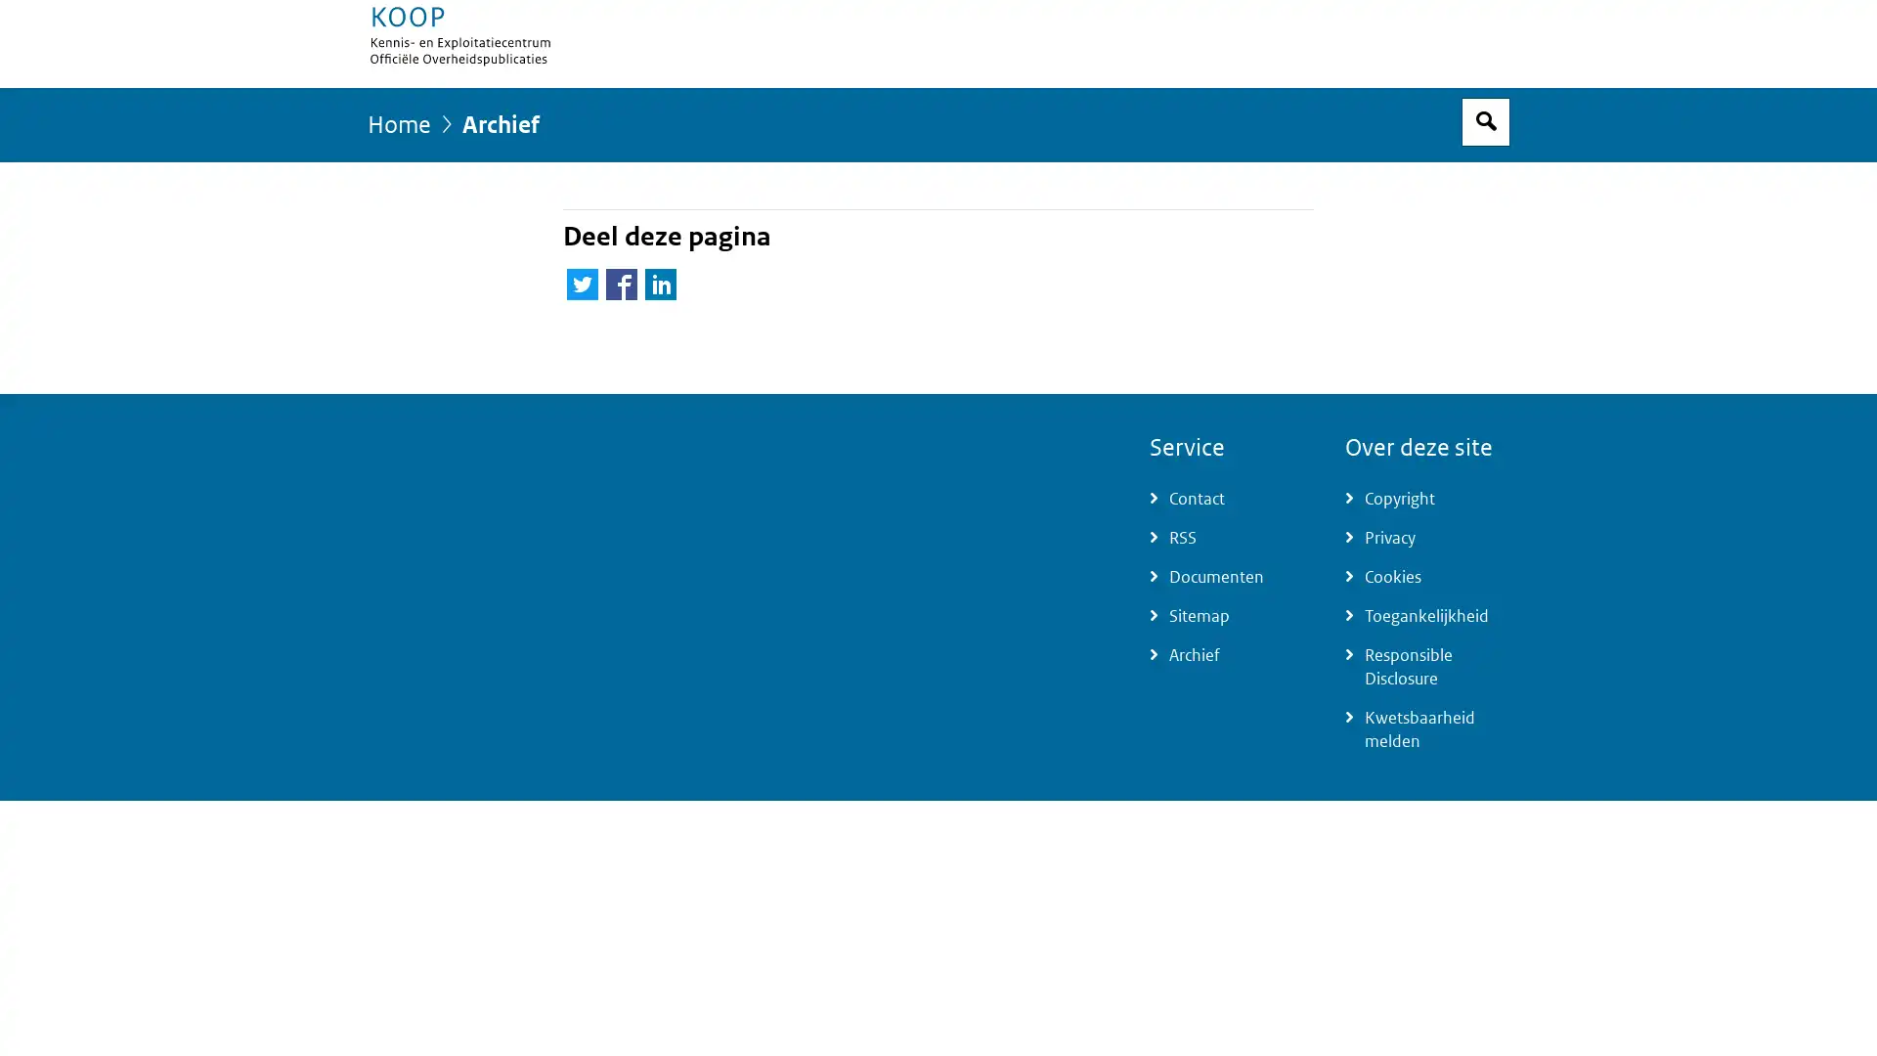 The height and width of the screenshot is (1056, 1877). I want to click on Open zoekveld, so click(1486, 121).